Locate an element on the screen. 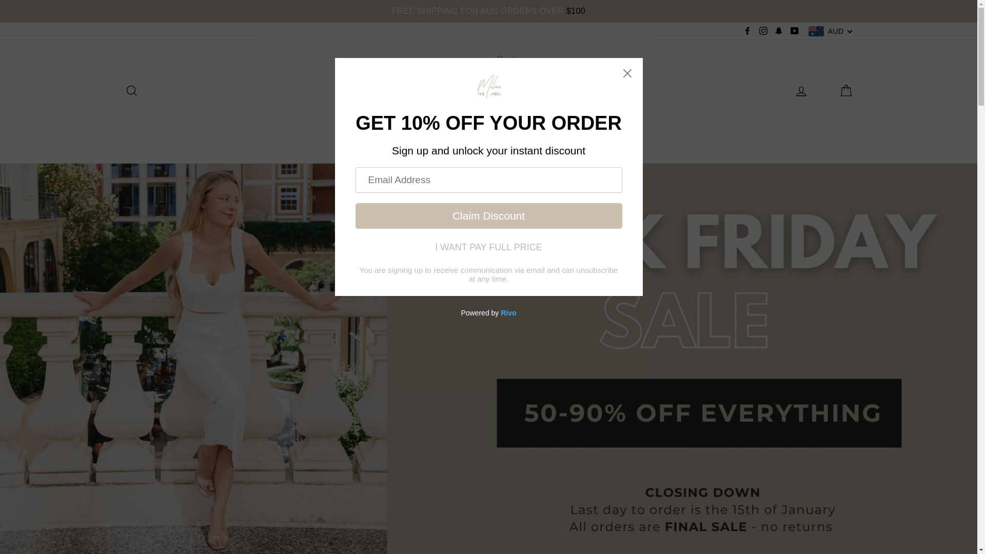 Image resolution: width=985 pixels, height=554 pixels. 'DENIM' is located at coordinates (457, 142).